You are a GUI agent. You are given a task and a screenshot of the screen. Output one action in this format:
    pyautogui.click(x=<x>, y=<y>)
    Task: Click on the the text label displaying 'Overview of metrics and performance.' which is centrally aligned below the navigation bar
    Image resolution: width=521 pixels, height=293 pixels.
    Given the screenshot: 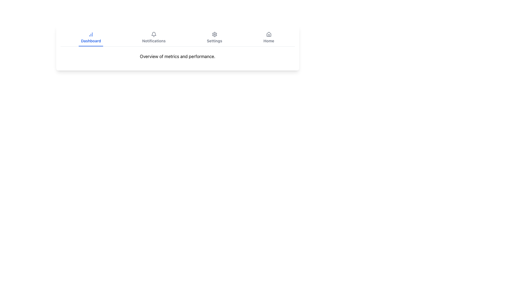 What is the action you would take?
    pyautogui.click(x=177, y=56)
    